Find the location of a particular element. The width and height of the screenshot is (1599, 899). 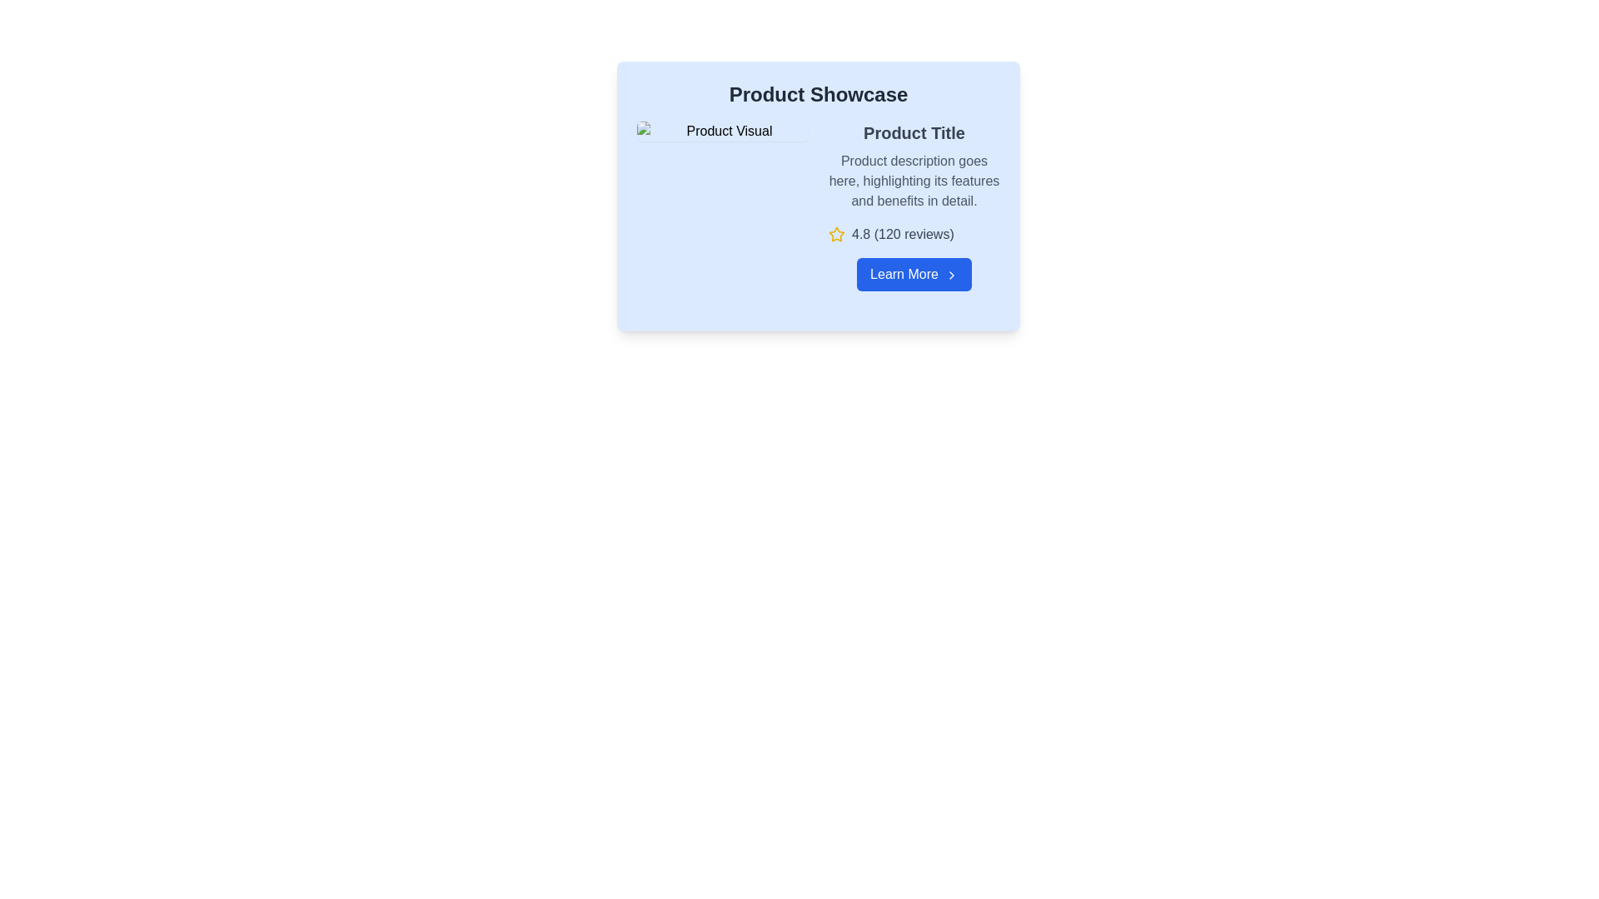

the static text or header at the top of the product showcase card, which is horizontally centered and has a light blue background is located at coordinates (819, 95).